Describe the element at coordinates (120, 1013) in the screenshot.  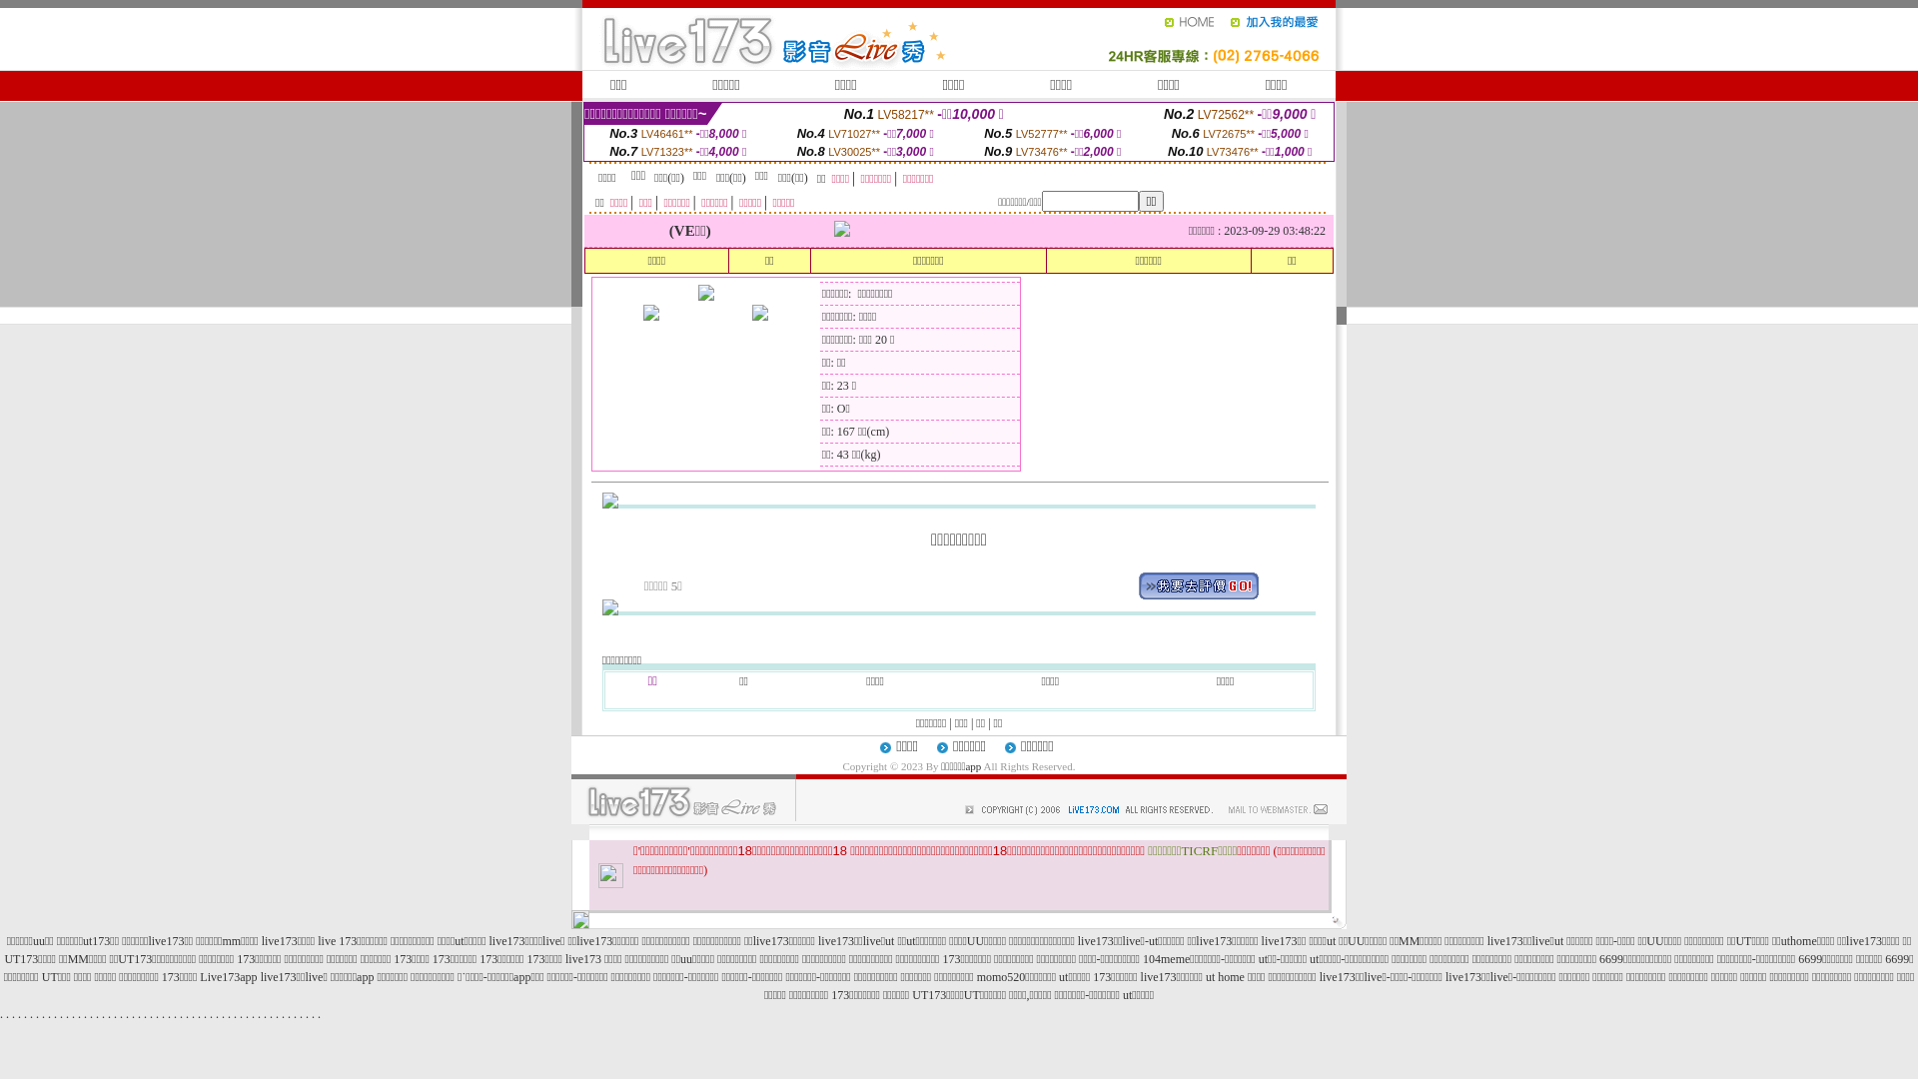
I see `'.'` at that location.